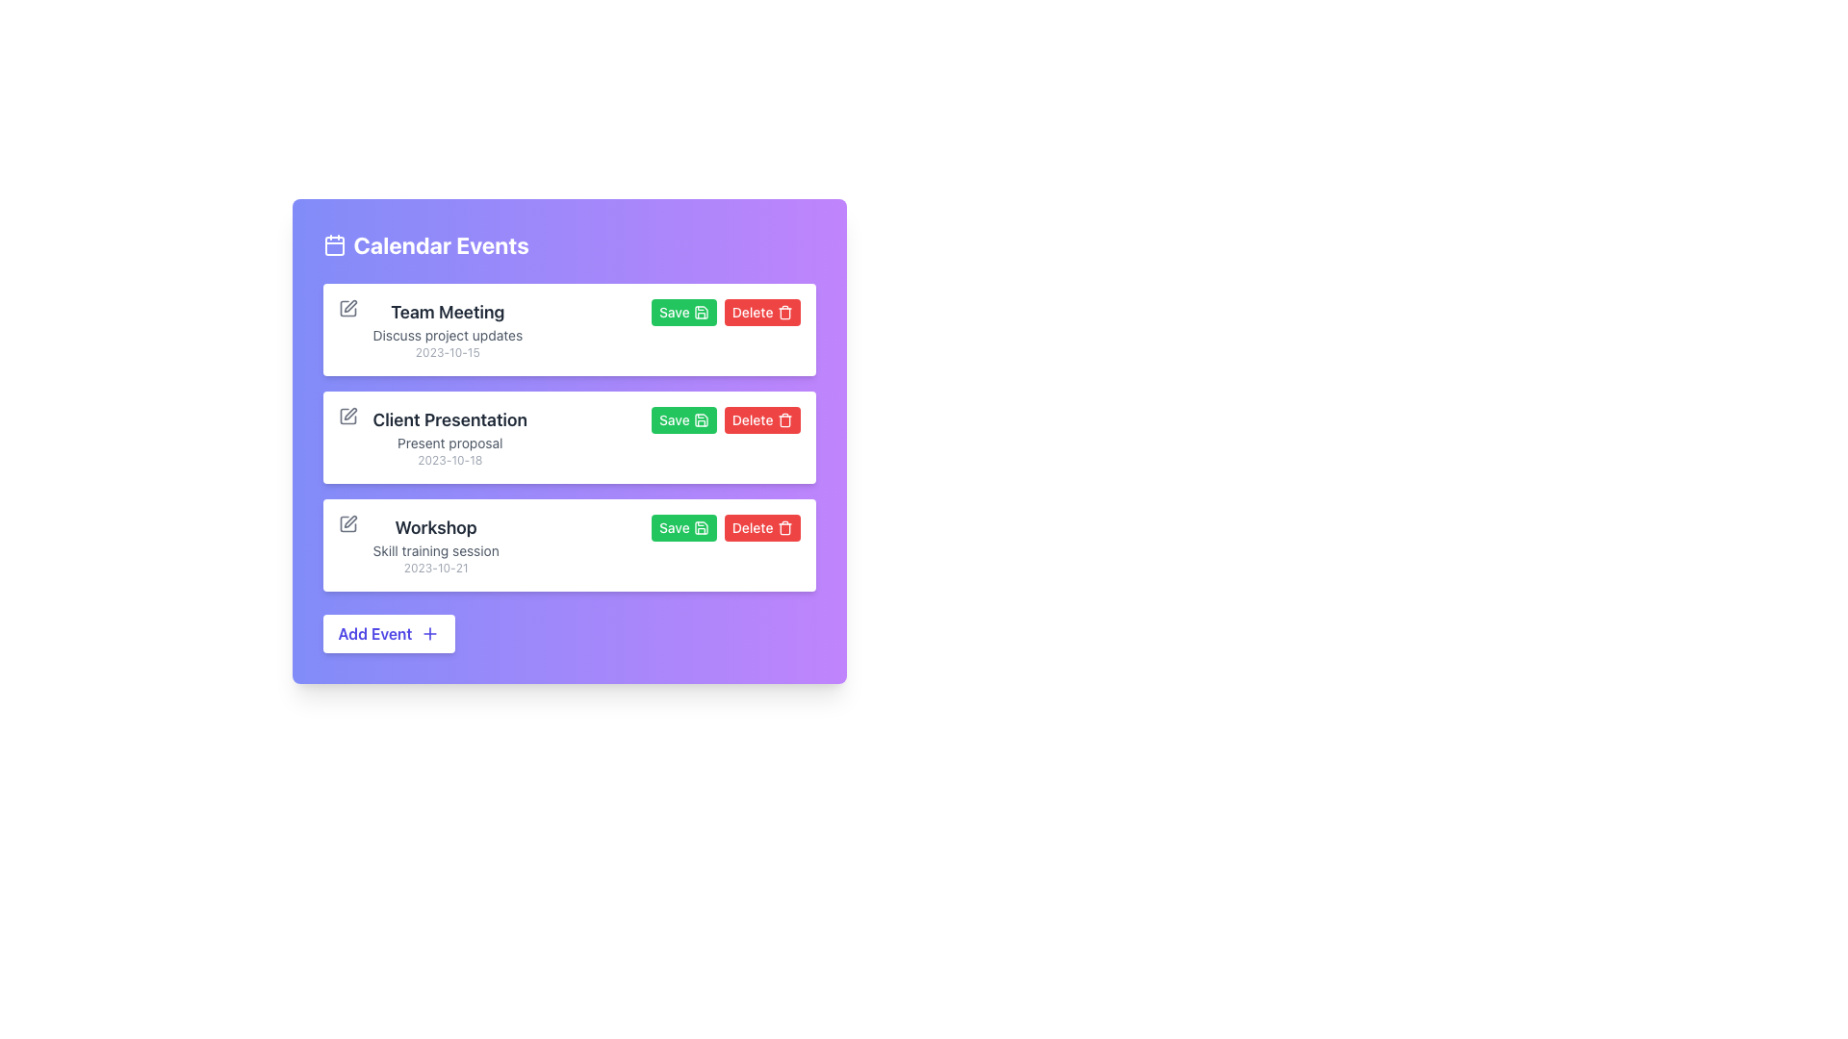 The width and height of the screenshot is (1848, 1039). What do you see at coordinates (334, 243) in the screenshot?
I see `the calendar icon located in the header section of the 'Calendar Events' module` at bounding box center [334, 243].